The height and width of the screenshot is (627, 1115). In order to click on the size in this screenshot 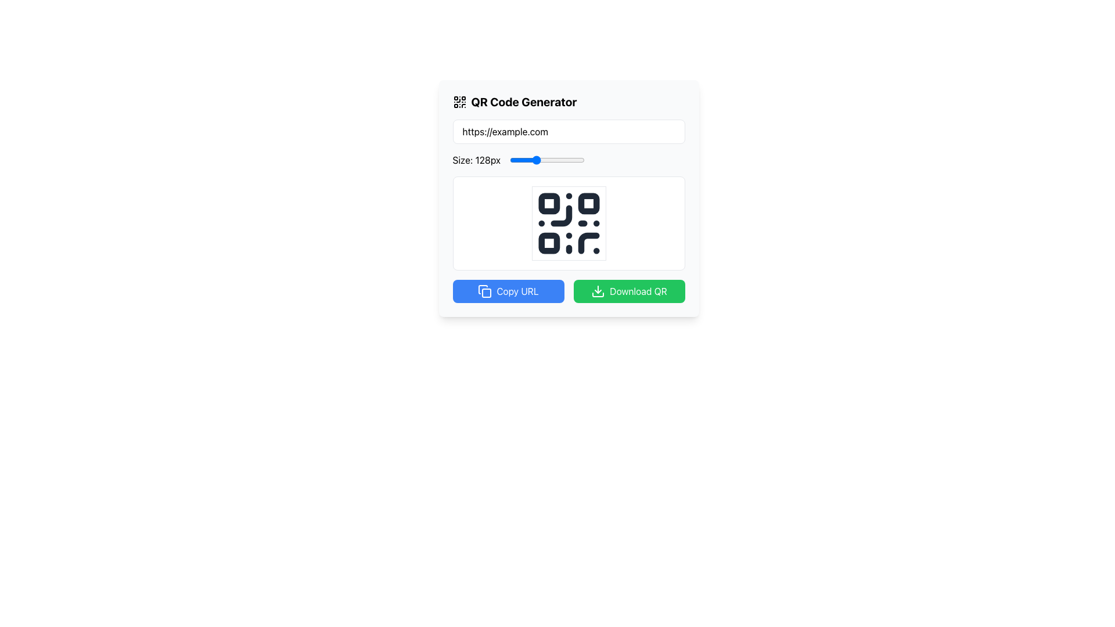, I will do `click(517, 160)`.